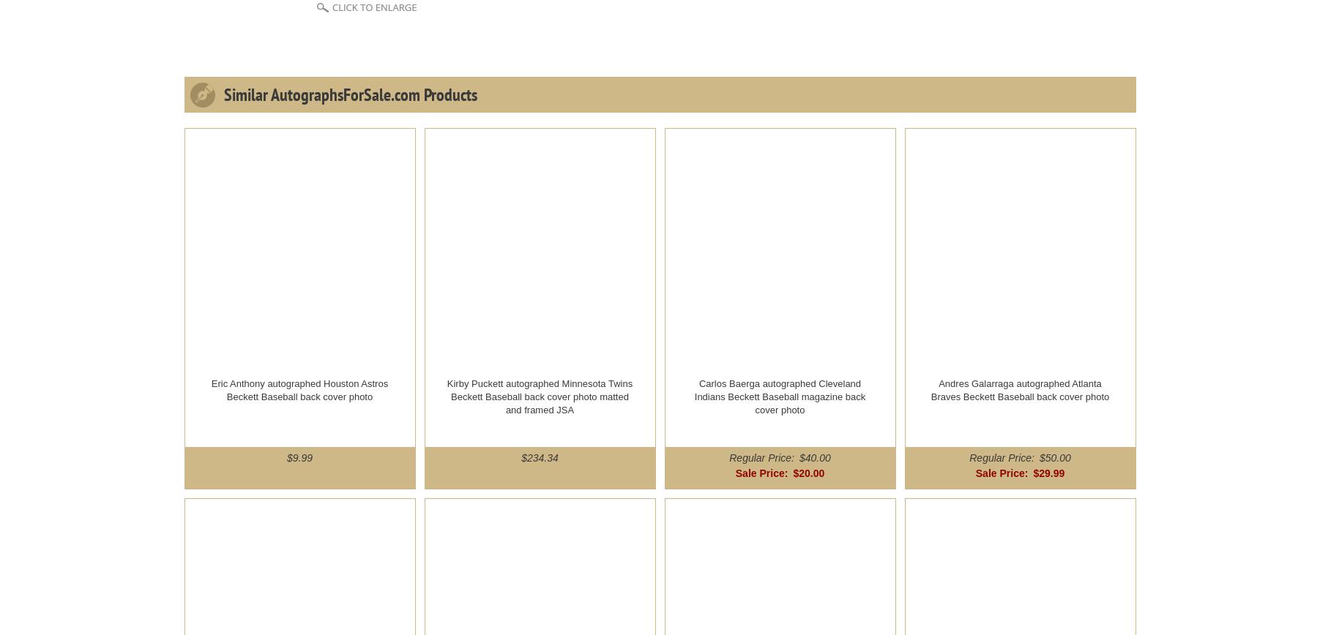 This screenshot has width=1320, height=635. What do you see at coordinates (1038, 456) in the screenshot?
I see `'$50.00'` at bounding box center [1038, 456].